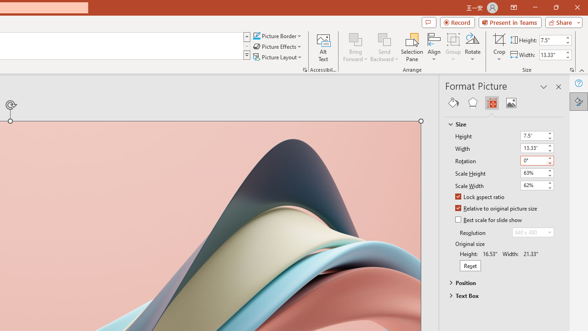 The width and height of the screenshot is (588, 331). Describe the element at coordinates (453, 103) in the screenshot. I see `'Fill & Line'` at that location.